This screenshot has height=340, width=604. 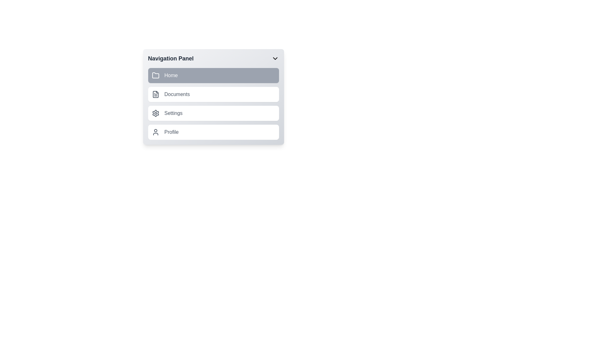 What do you see at coordinates (213, 104) in the screenshot?
I see `the 'Documents' list item in the navigation menu` at bounding box center [213, 104].